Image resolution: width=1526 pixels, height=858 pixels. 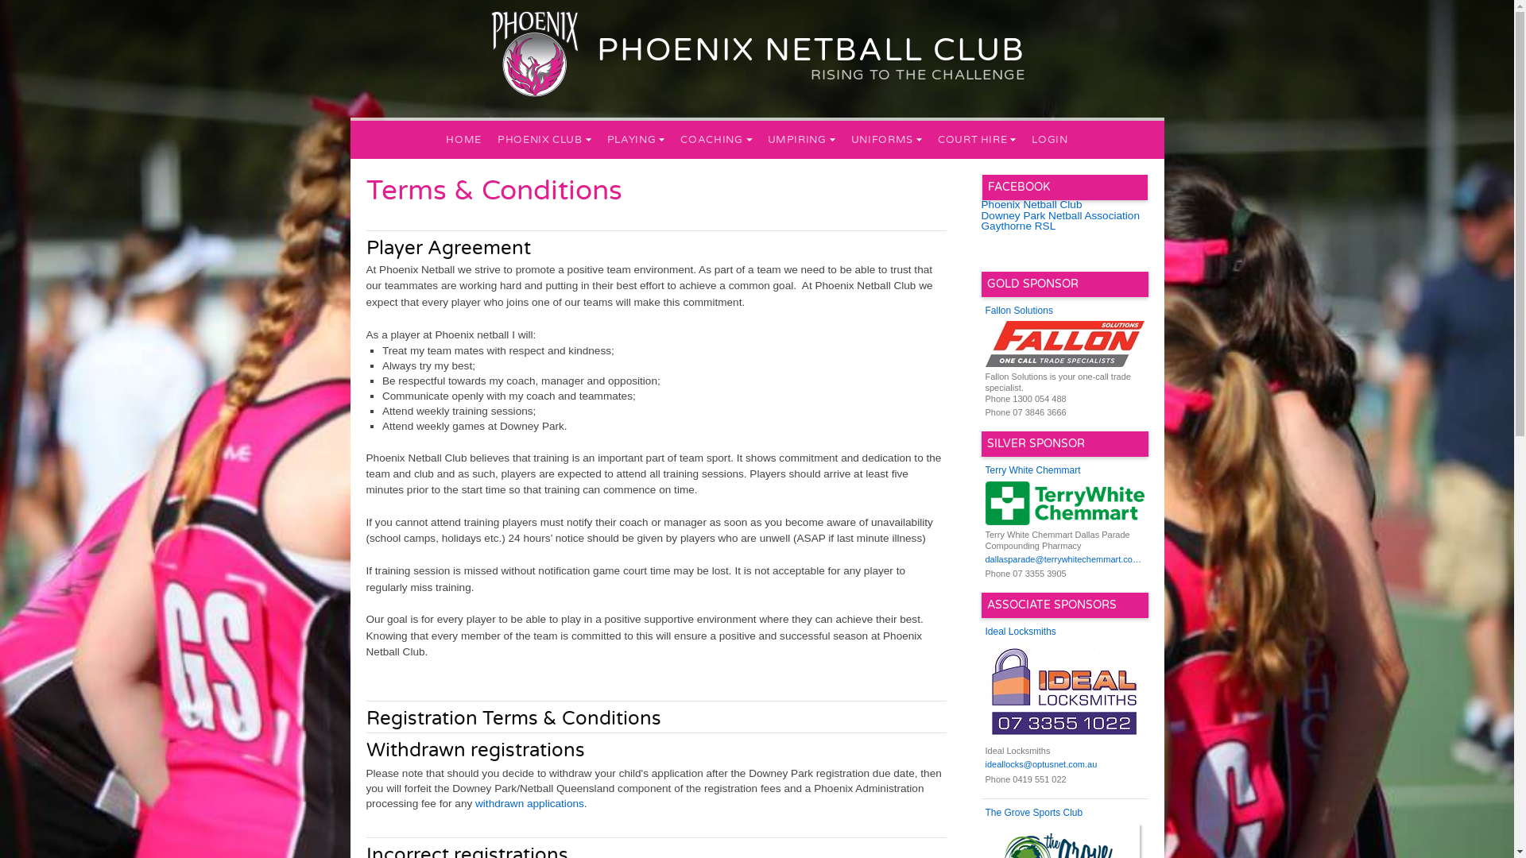 I want to click on 'Downey Park Netball Association', so click(x=1059, y=215).